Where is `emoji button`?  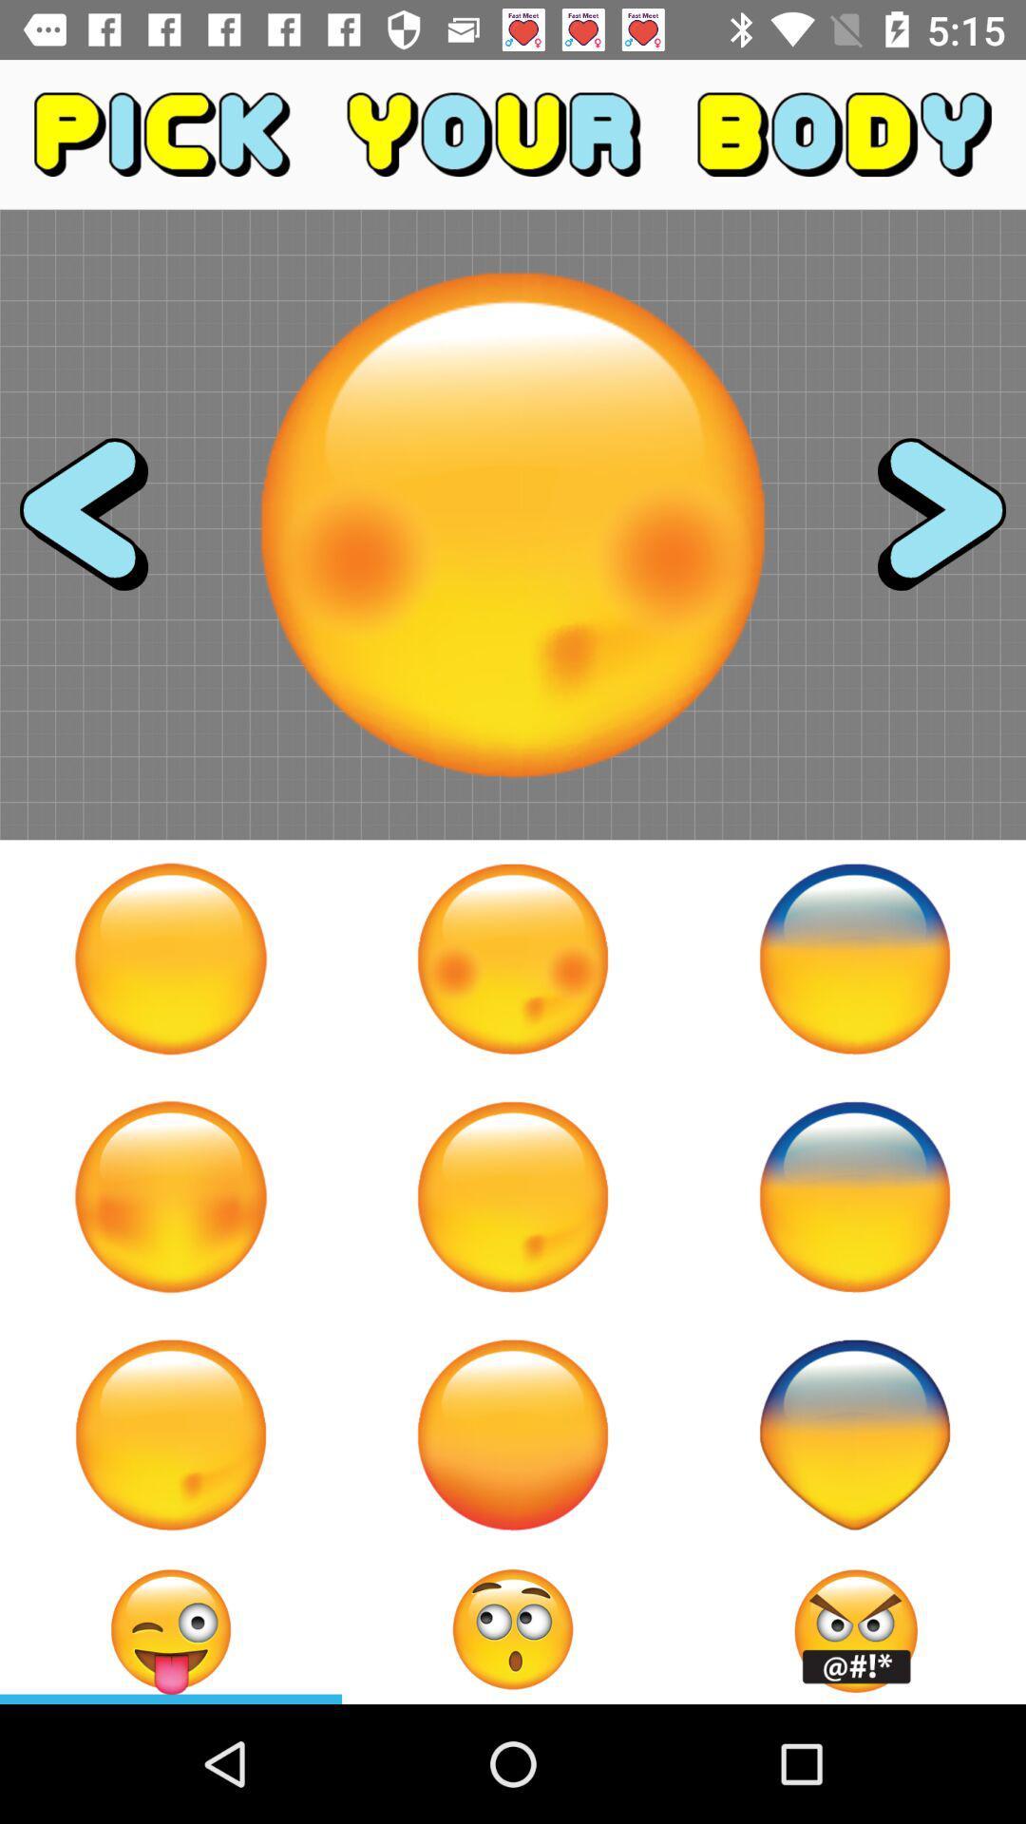 emoji button is located at coordinates (171, 1434).